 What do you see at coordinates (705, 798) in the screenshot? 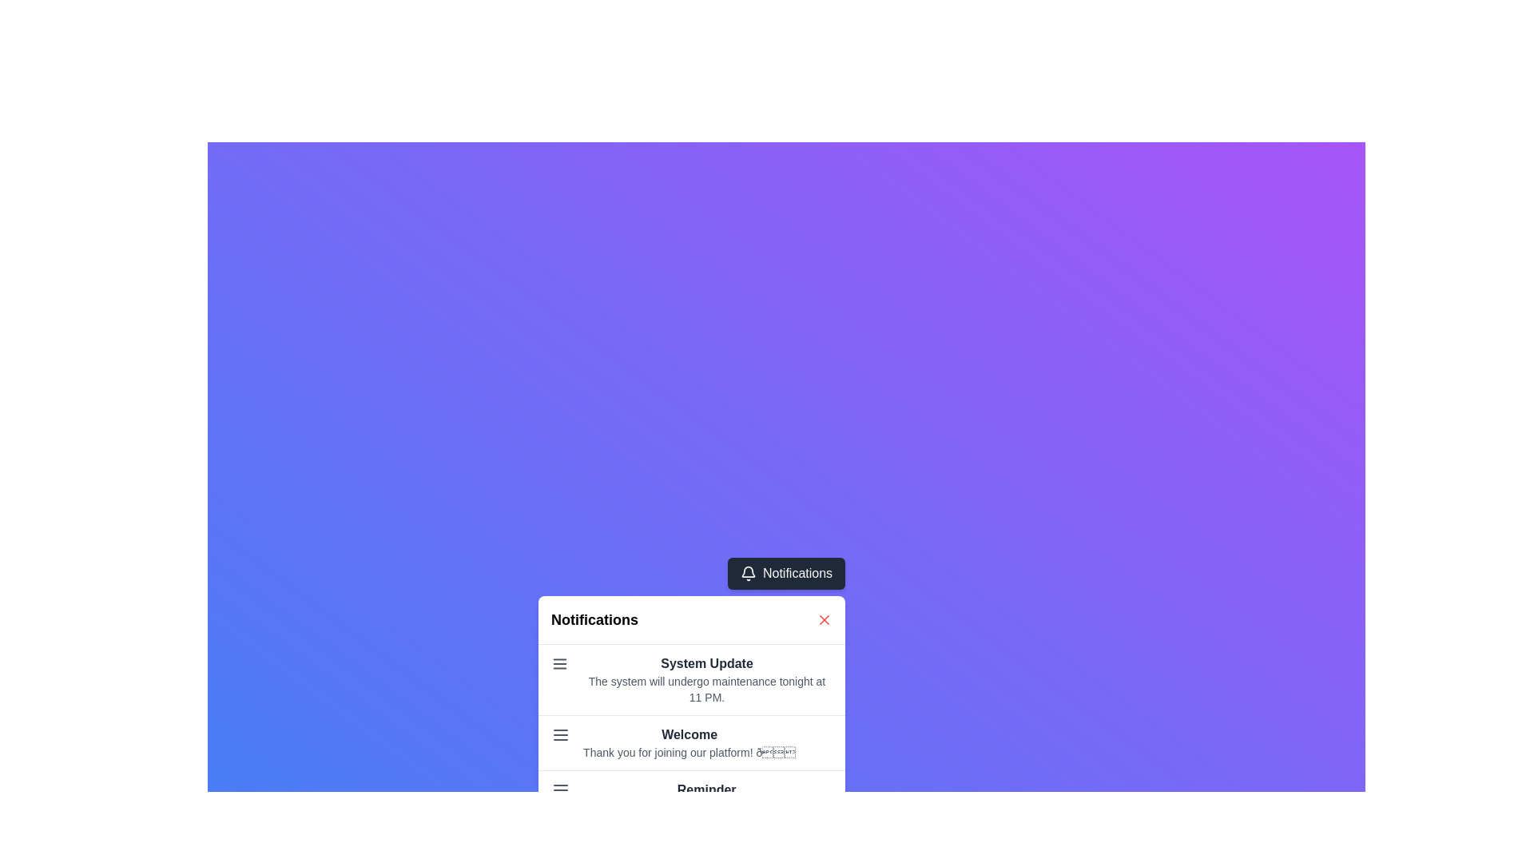
I see `the 'Reminder' text content block that displays the message 'Your meeting is scheduled for tomorrow at 10 AM.' This block is the last notification in the dropdown notification panel` at bounding box center [705, 798].